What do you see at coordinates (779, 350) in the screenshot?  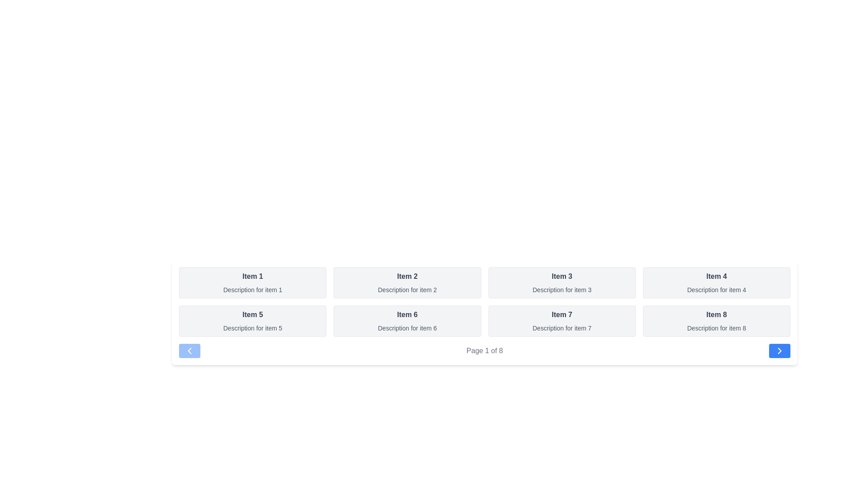 I see `the vector icon within the navigation button located at the bottom-right corner of the interface` at bounding box center [779, 350].